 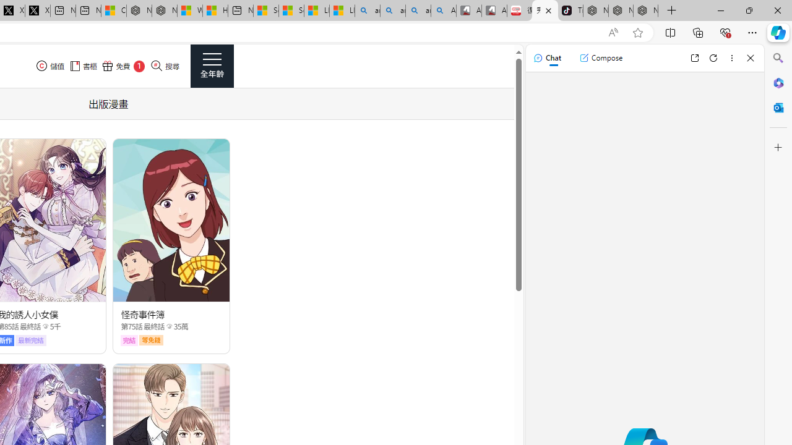 I want to click on 'amazon - Search Images', so click(x=418, y=11).